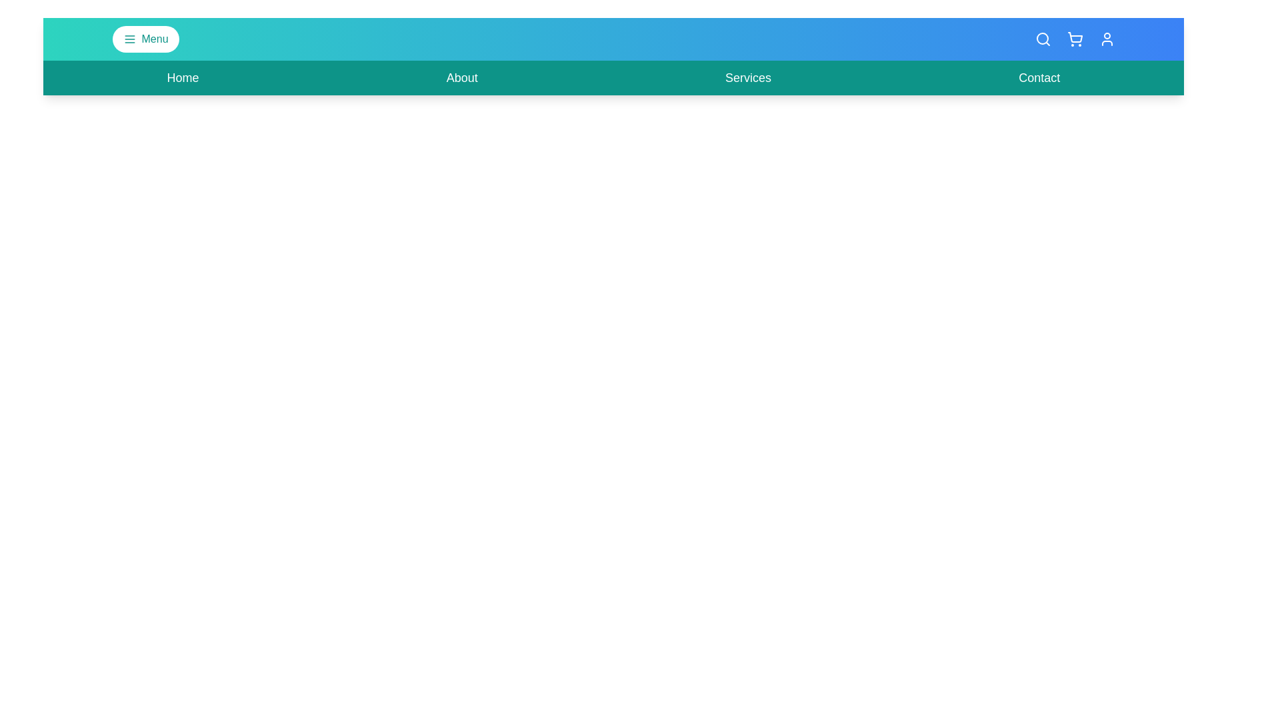  What do you see at coordinates (1107, 38) in the screenshot?
I see `the 'User' icon to interact with it` at bounding box center [1107, 38].